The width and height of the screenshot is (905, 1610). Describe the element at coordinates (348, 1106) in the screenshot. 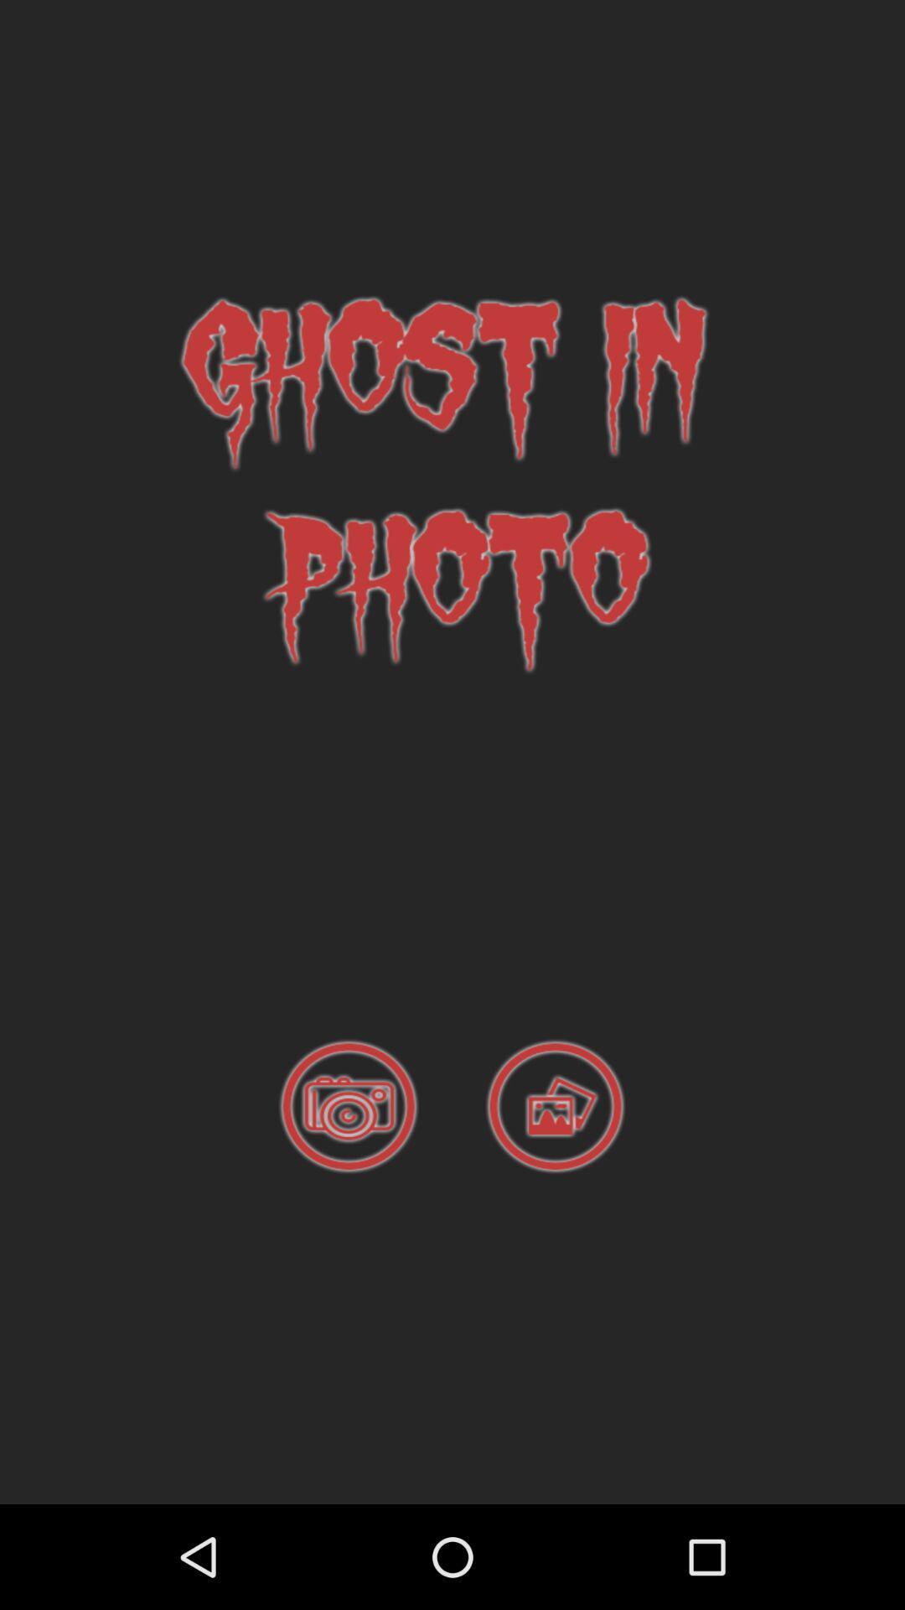

I see `camera` at that location.